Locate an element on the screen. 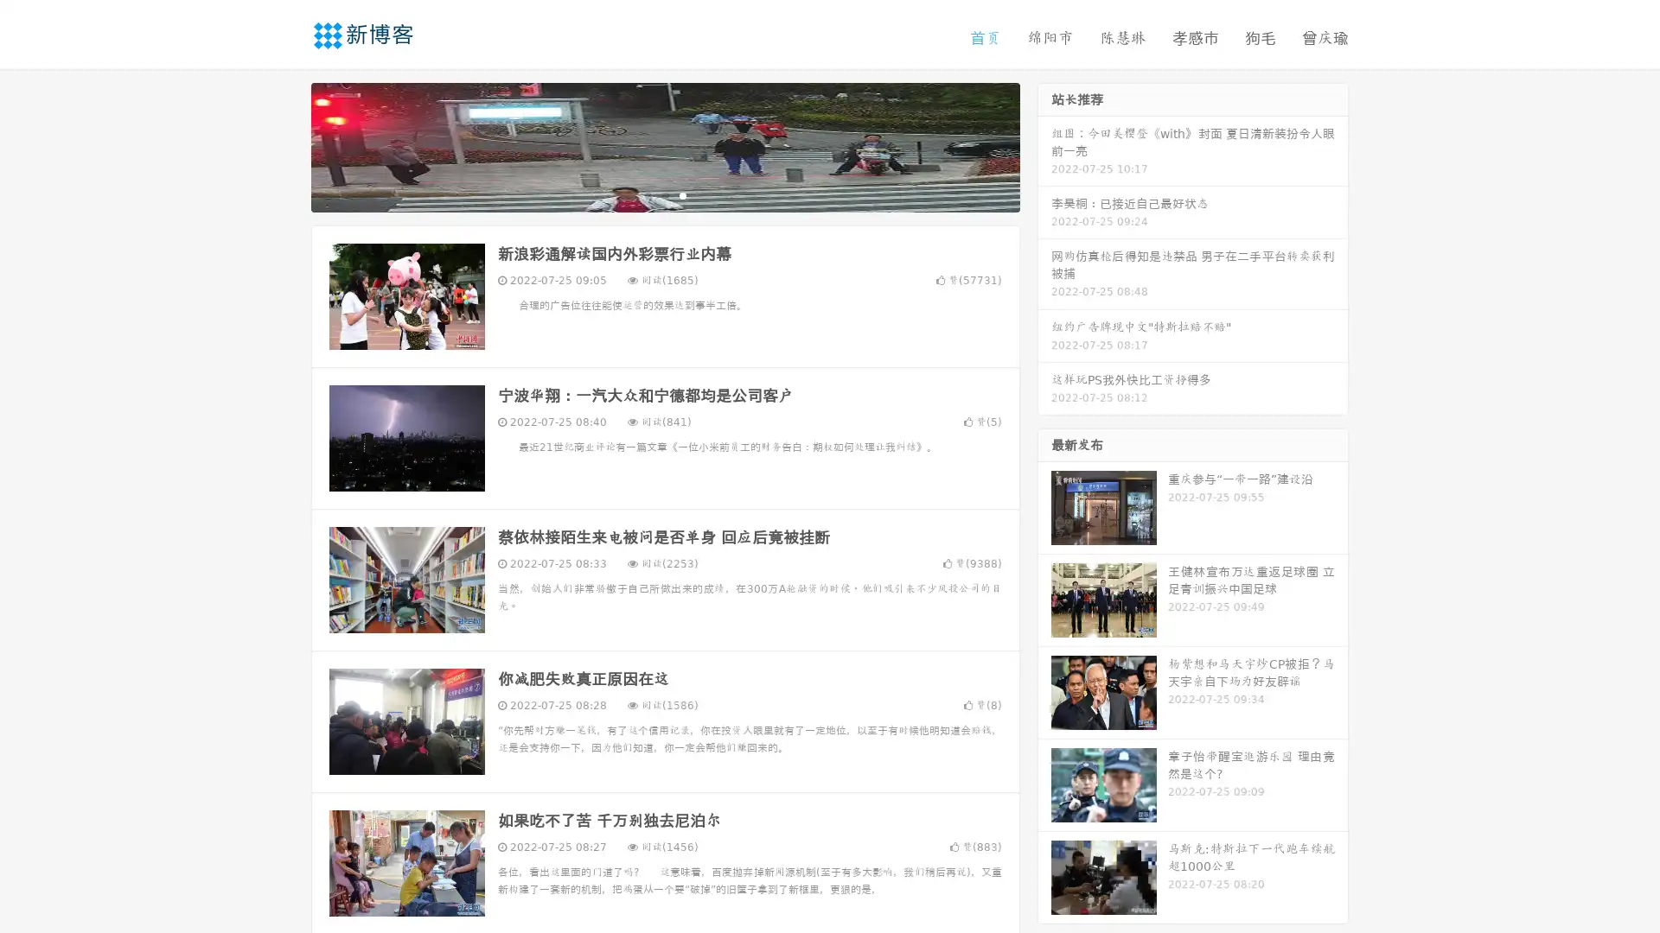 This screenshot has height=933, width=1660. Go to slide 2 is located at coordinates (664, 194).